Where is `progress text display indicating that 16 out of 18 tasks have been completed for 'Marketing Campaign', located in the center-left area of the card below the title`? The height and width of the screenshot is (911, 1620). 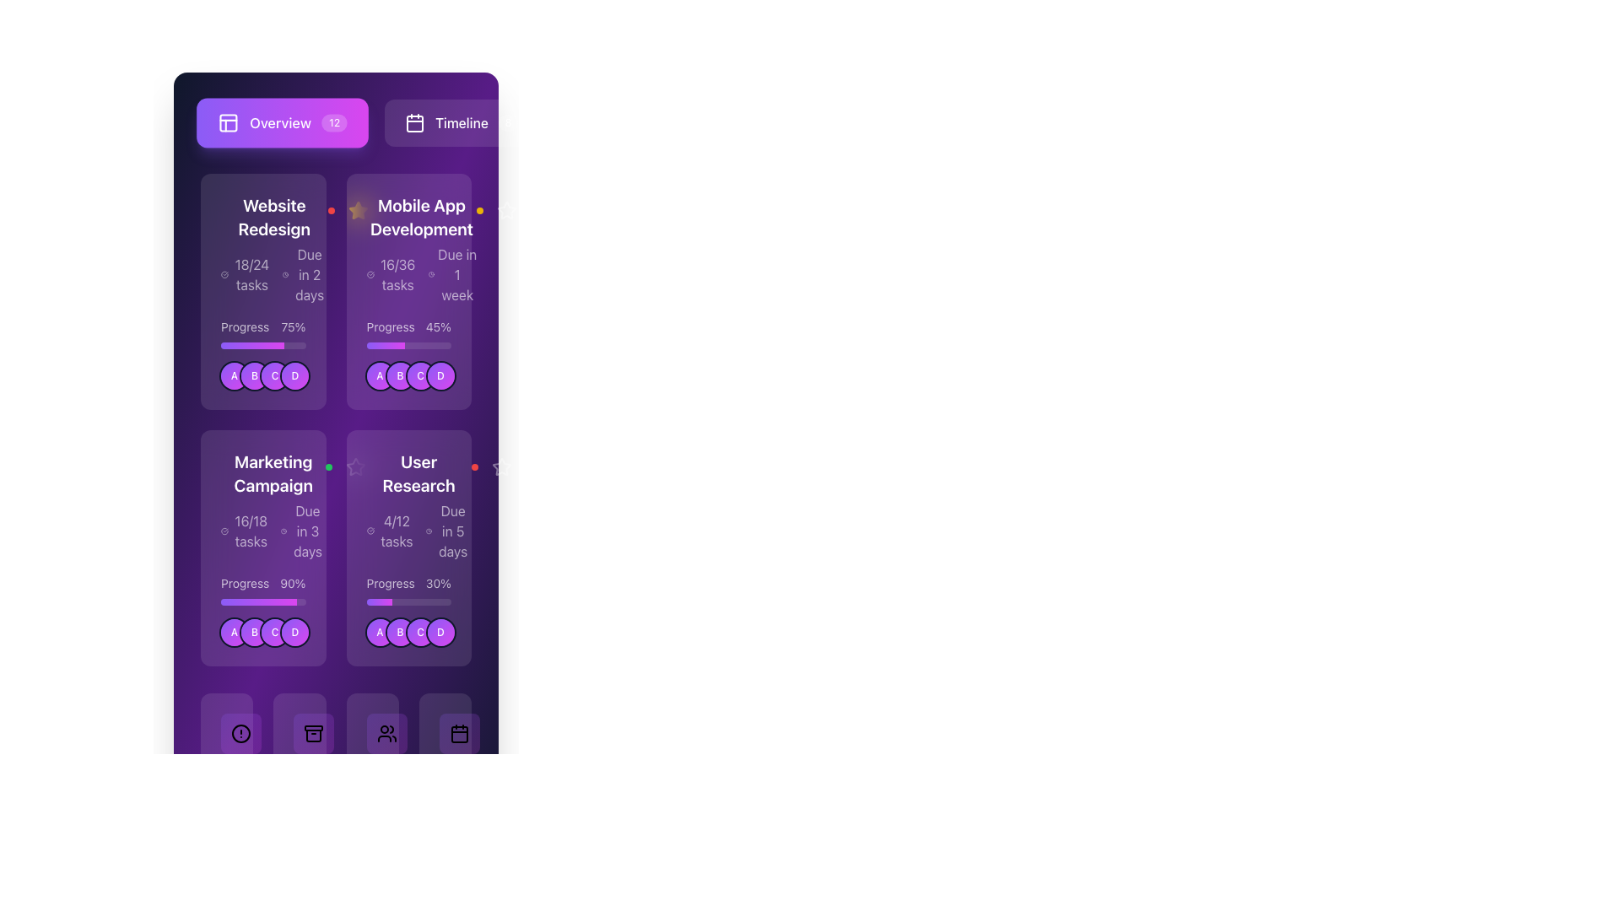 progress text display indicating that 16 out of 18 tasks have been completed for 'Marketing Campaign', located in the center-left area of the card below the title is located at coordinates (250, 530).